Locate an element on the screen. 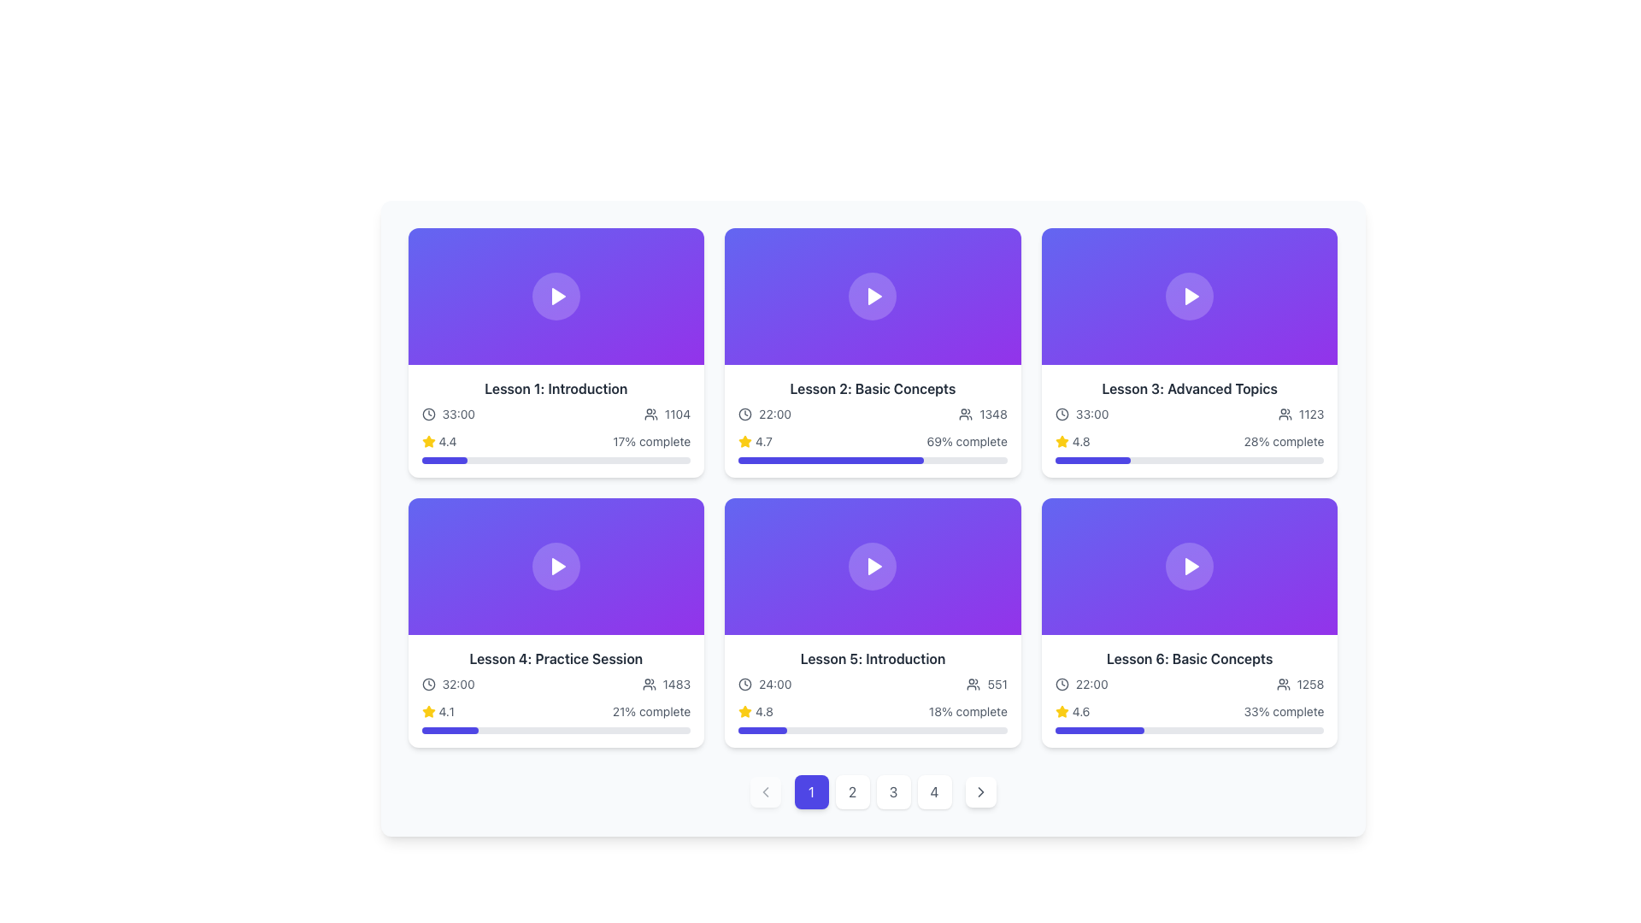  the left-facing chevron icon, which is a thin, minimalistic arrow styled within a square button located at the left of the pagination control section is located at coordinates (764, 791).